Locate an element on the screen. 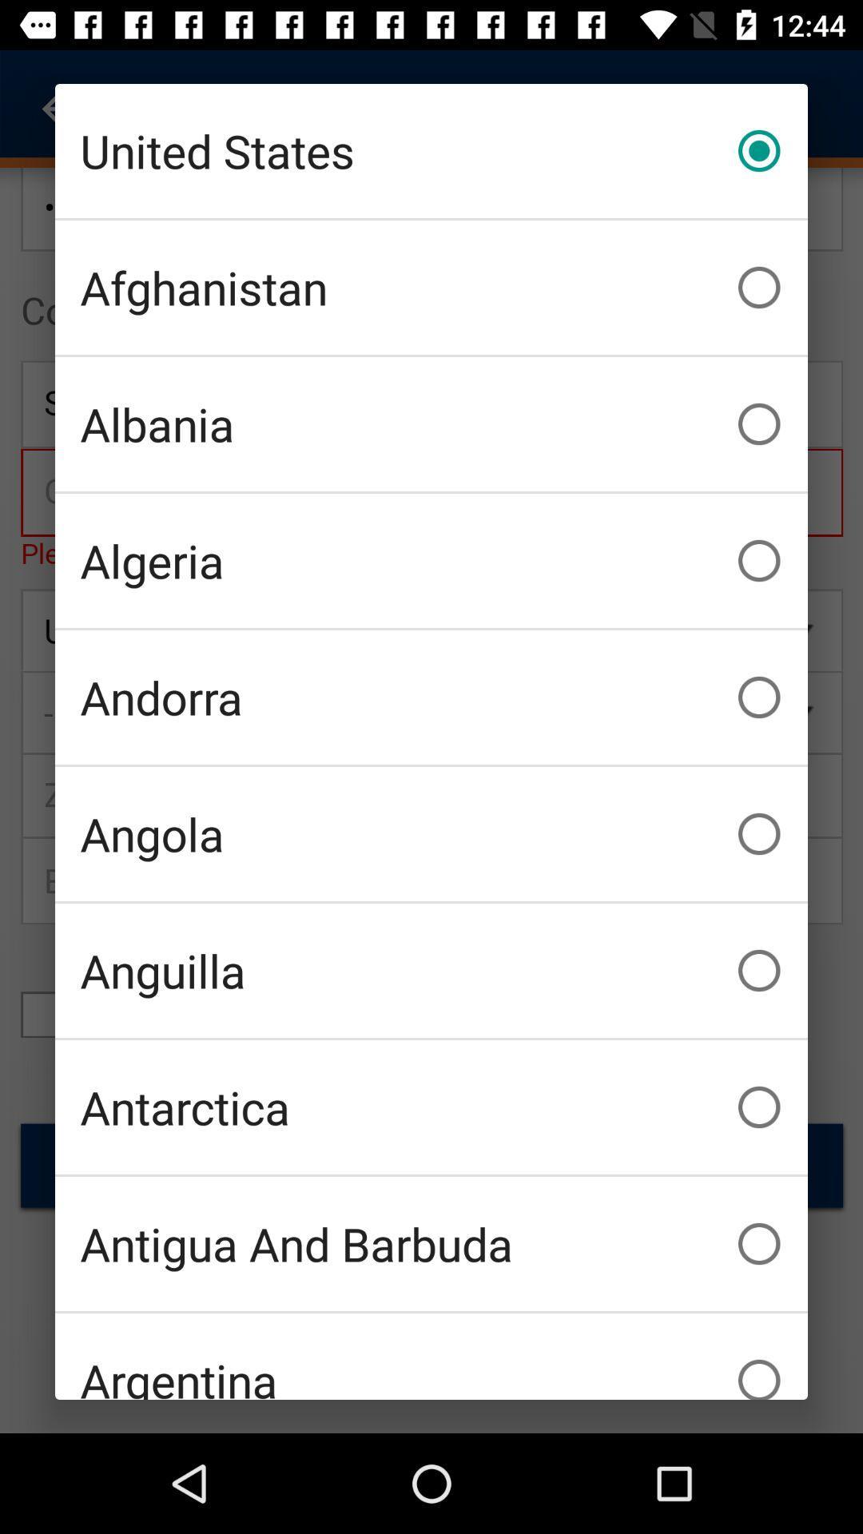 The height and width of the screenshot is (1534, 863). algeria is located at coordinates (431, 560).